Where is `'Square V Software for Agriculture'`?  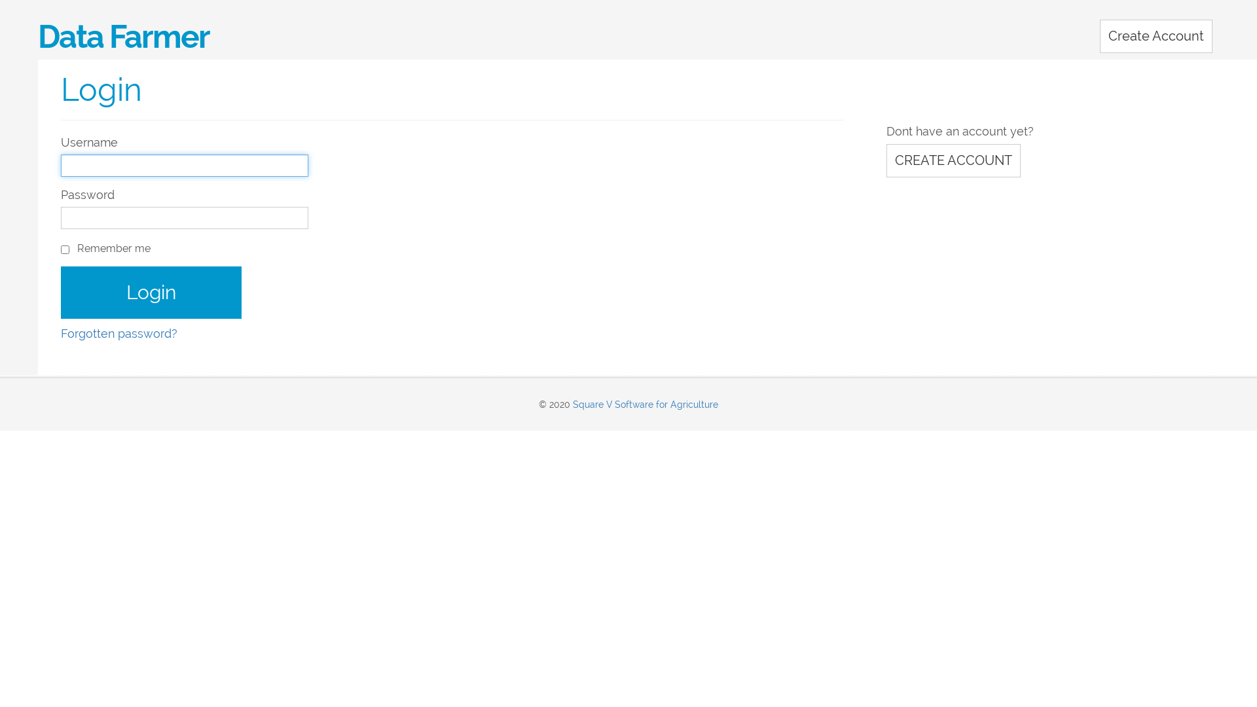 'Square V Software for Agriculture' is located at coordinates (645, 403).